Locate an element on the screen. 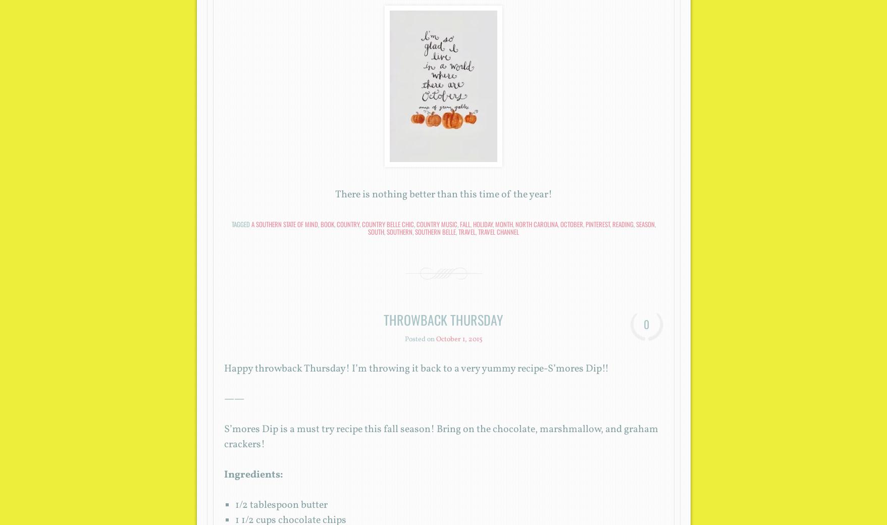 The image size is (887, 525). 'pinterest' is located at coordinates (596, 224).